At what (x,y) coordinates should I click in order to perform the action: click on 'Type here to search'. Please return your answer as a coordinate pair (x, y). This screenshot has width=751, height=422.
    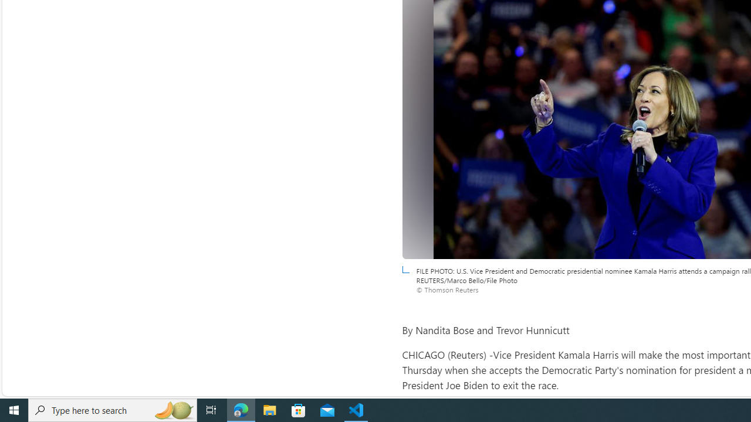
    Looking at the image, I should click on (113, 409).